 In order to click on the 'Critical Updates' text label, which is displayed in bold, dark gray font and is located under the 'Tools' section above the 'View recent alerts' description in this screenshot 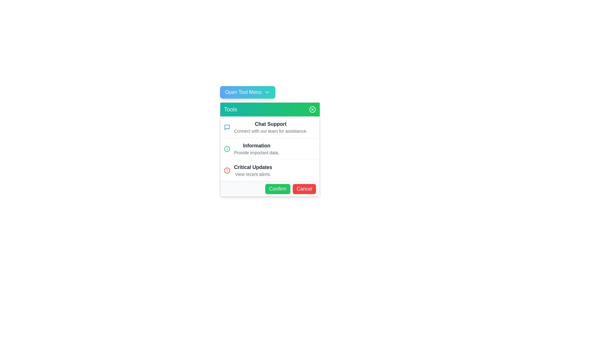, I will do `click(253, 167)`.